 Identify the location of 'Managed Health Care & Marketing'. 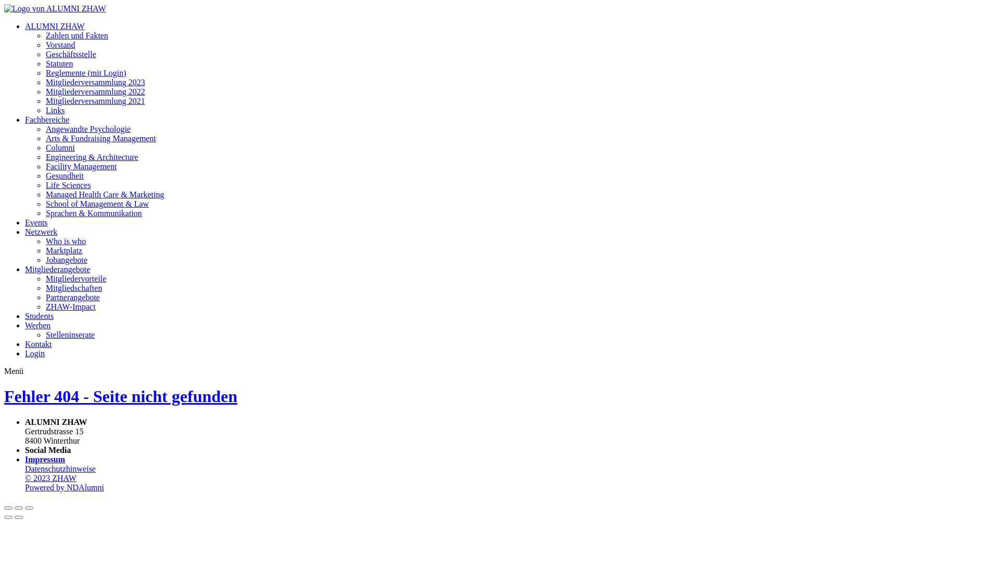
(45, 194).